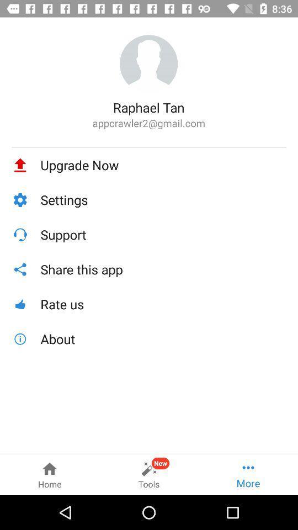  Describe the element at coordinates (148, 107) in the screenshot. I see `the icon above appcrawler2@gmail.com icon` at that location.